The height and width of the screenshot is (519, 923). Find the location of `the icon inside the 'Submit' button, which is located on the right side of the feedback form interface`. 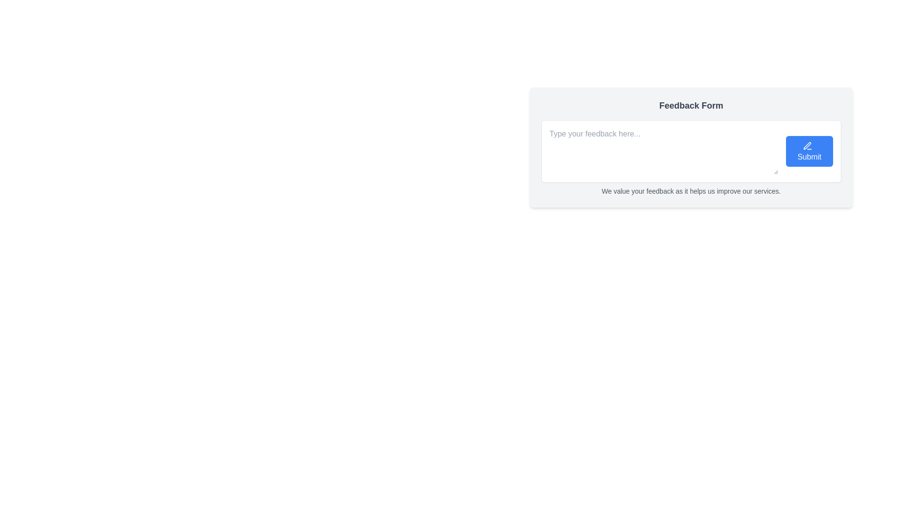

the icon inside the 'Submit' button, which is located on the right side of the feedback form interface is located at coordinates (807, 146).